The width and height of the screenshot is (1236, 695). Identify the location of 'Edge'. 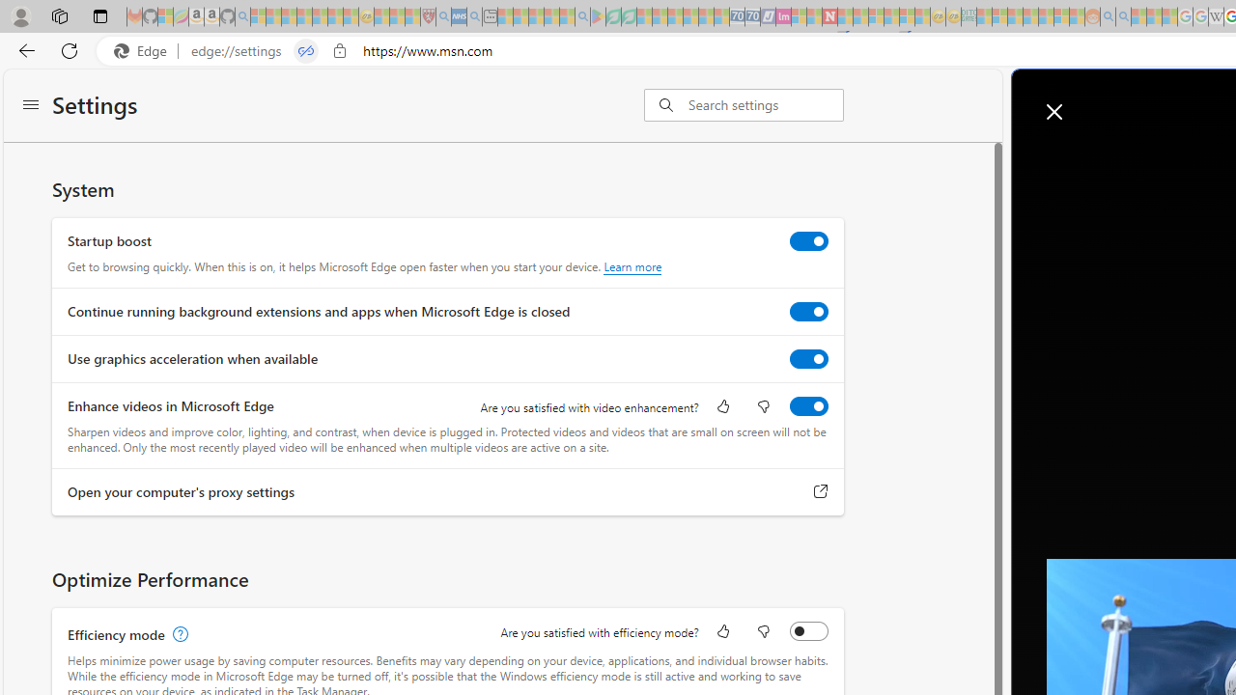
(144, 50).